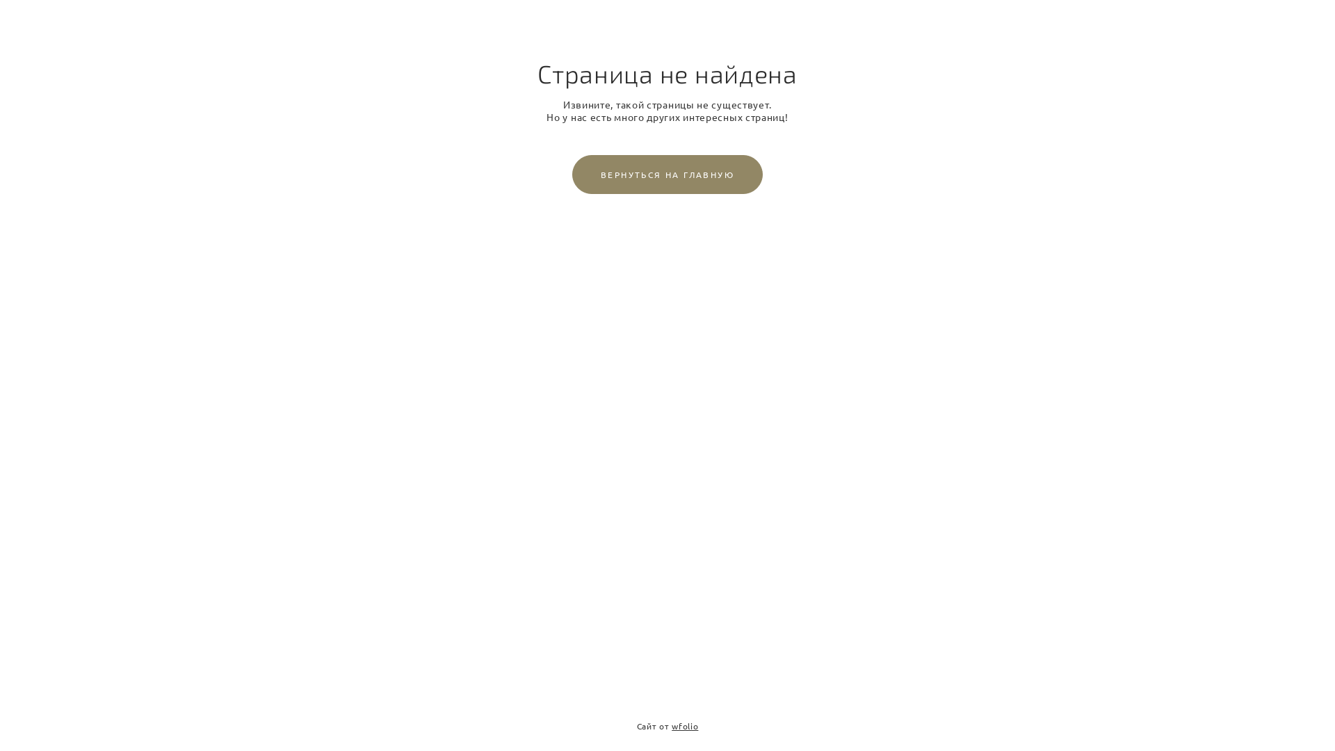  What do you see at coordinates (684, 725) in the screenshot?
I see `'wfolio'` at bounding box center [684, 725].